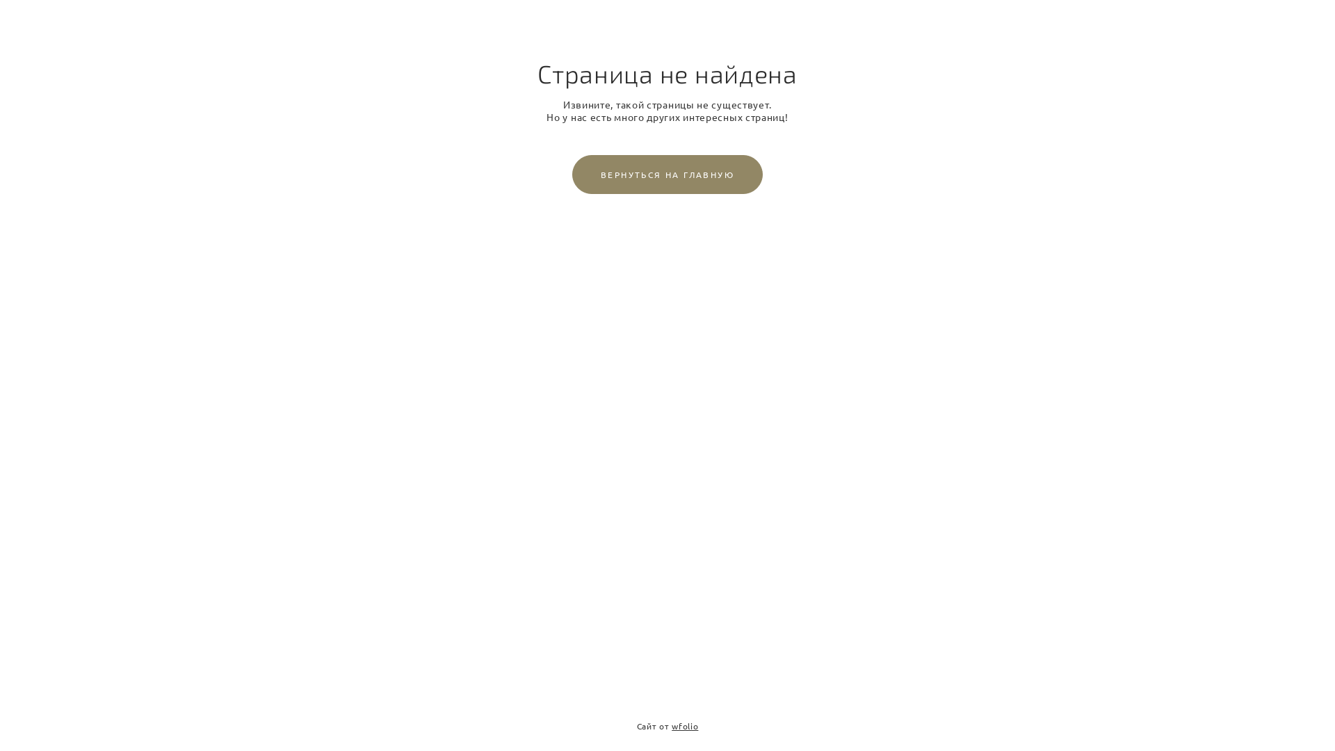  What do you see at coordinates (684, 725) in the screenshot?
I see `'wfolio'` at bounding box center [684, 725].